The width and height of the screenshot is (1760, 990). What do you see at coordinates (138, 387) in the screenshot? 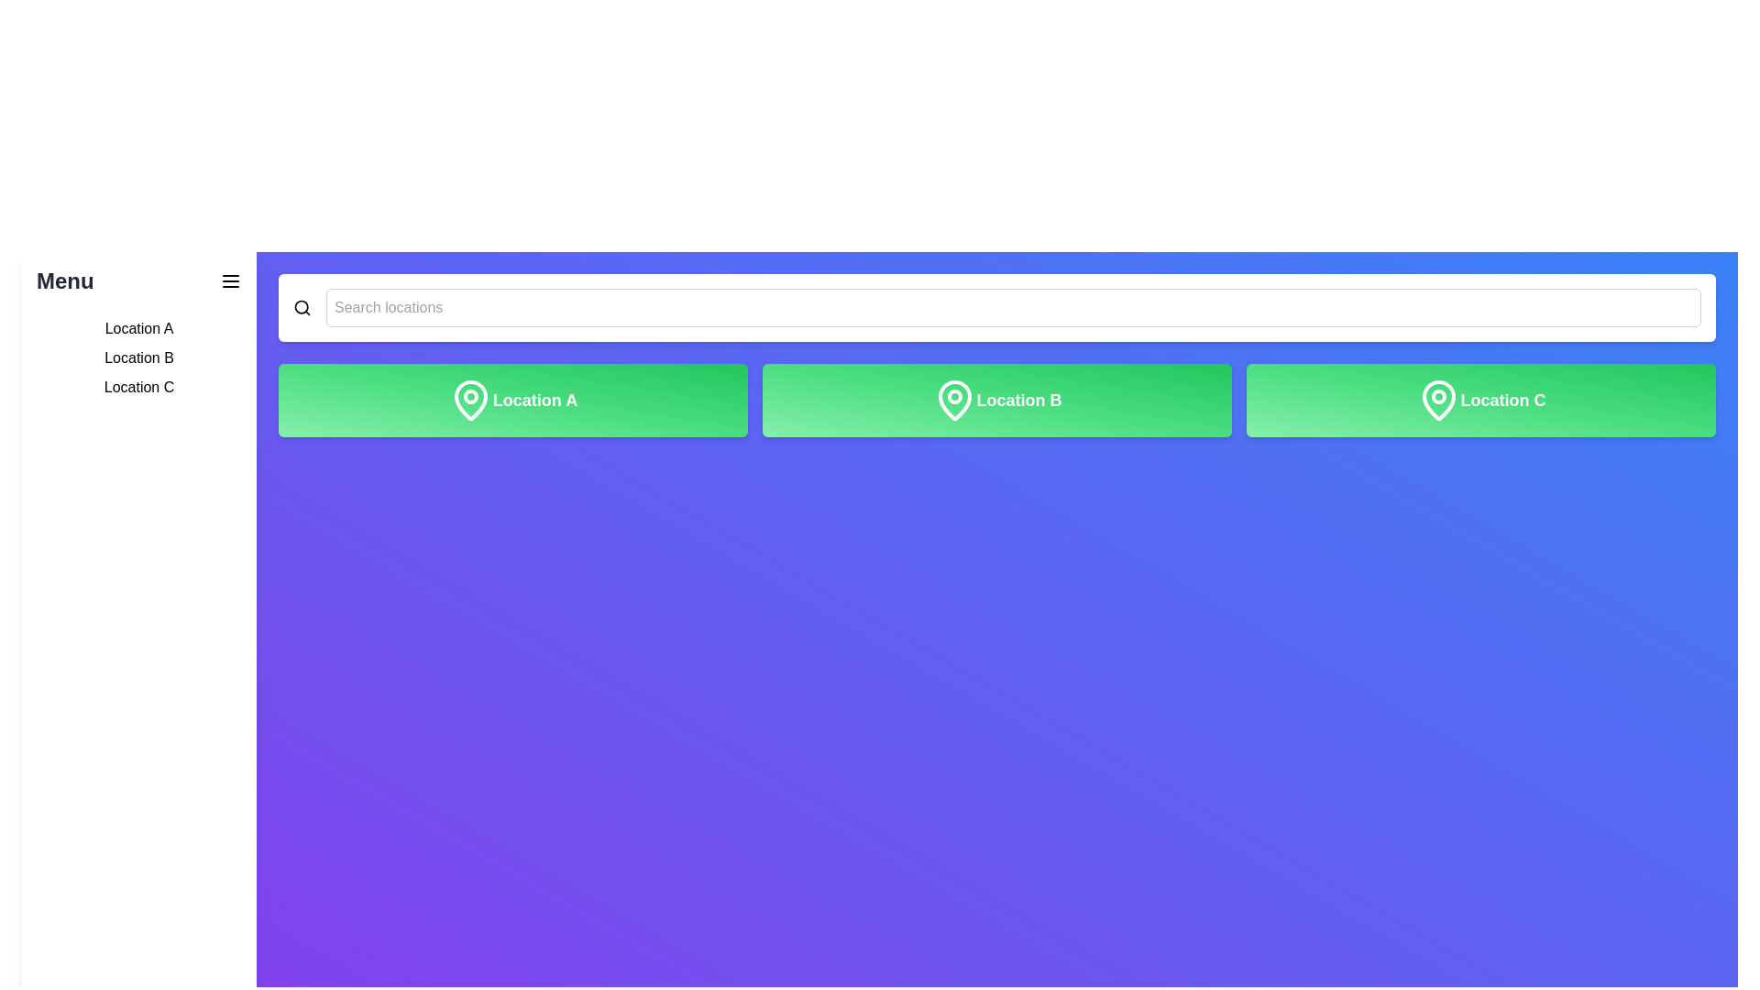
I see `the third item in the left sidebar menu labeled 'Location C'` at bounding box center [138, 387].